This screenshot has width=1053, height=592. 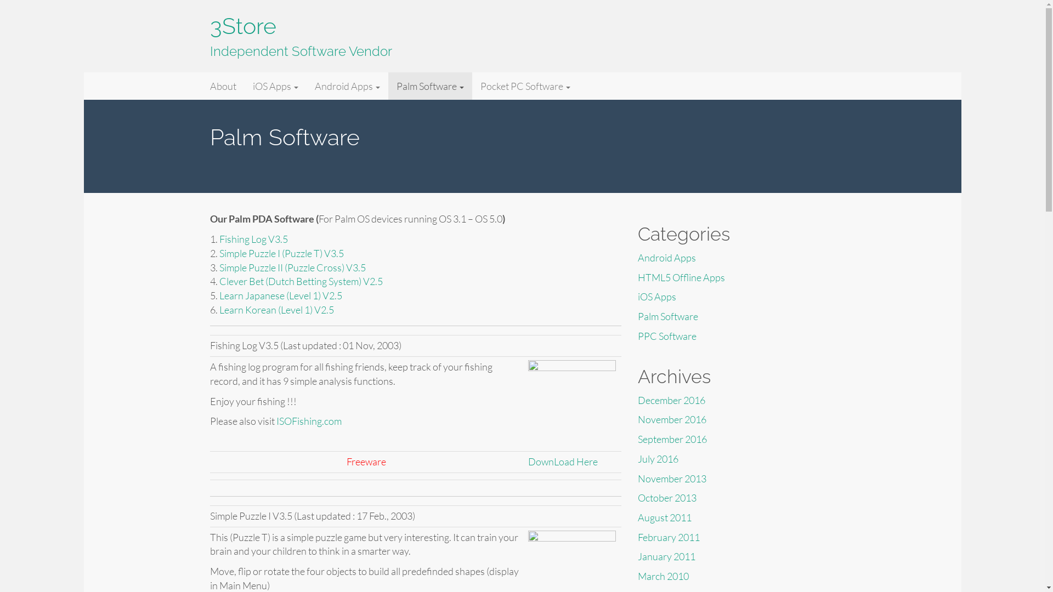 I want to click on 'Simple Puzzle II (Puzzle Cross) V3.5', so click(x=292, y=267).